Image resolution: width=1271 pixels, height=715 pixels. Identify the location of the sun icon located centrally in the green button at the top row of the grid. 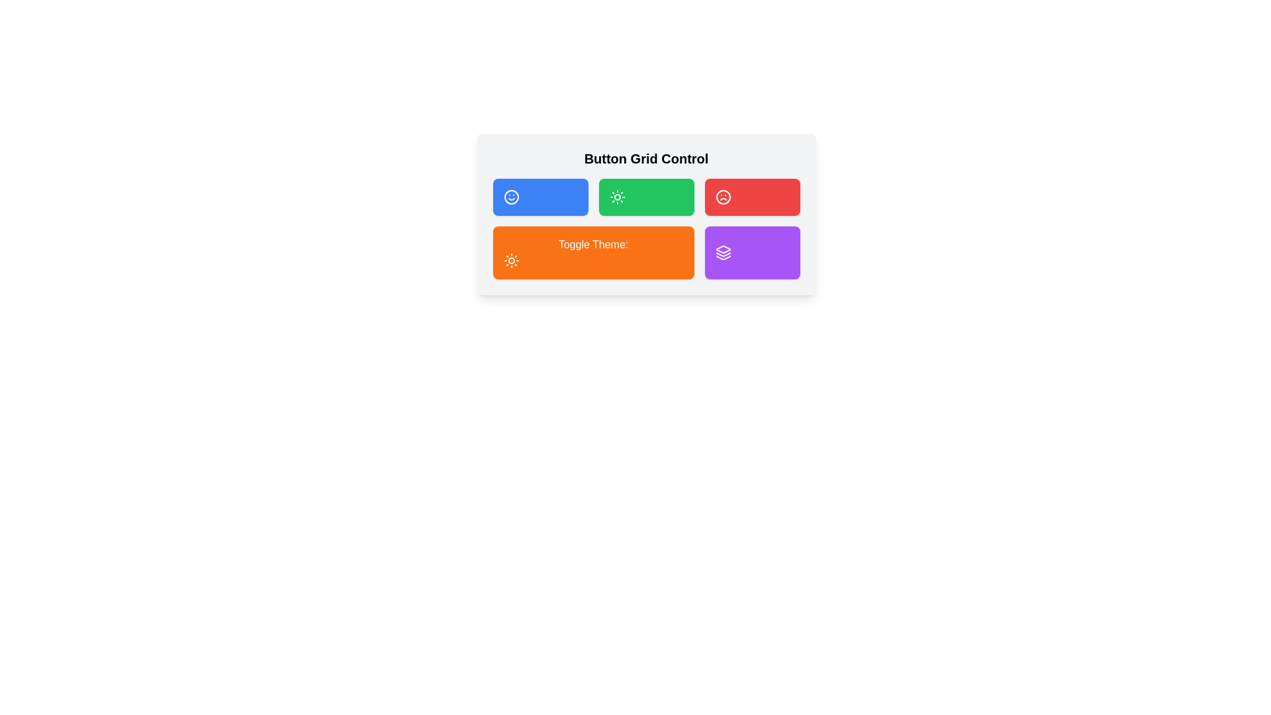
(616, 197).